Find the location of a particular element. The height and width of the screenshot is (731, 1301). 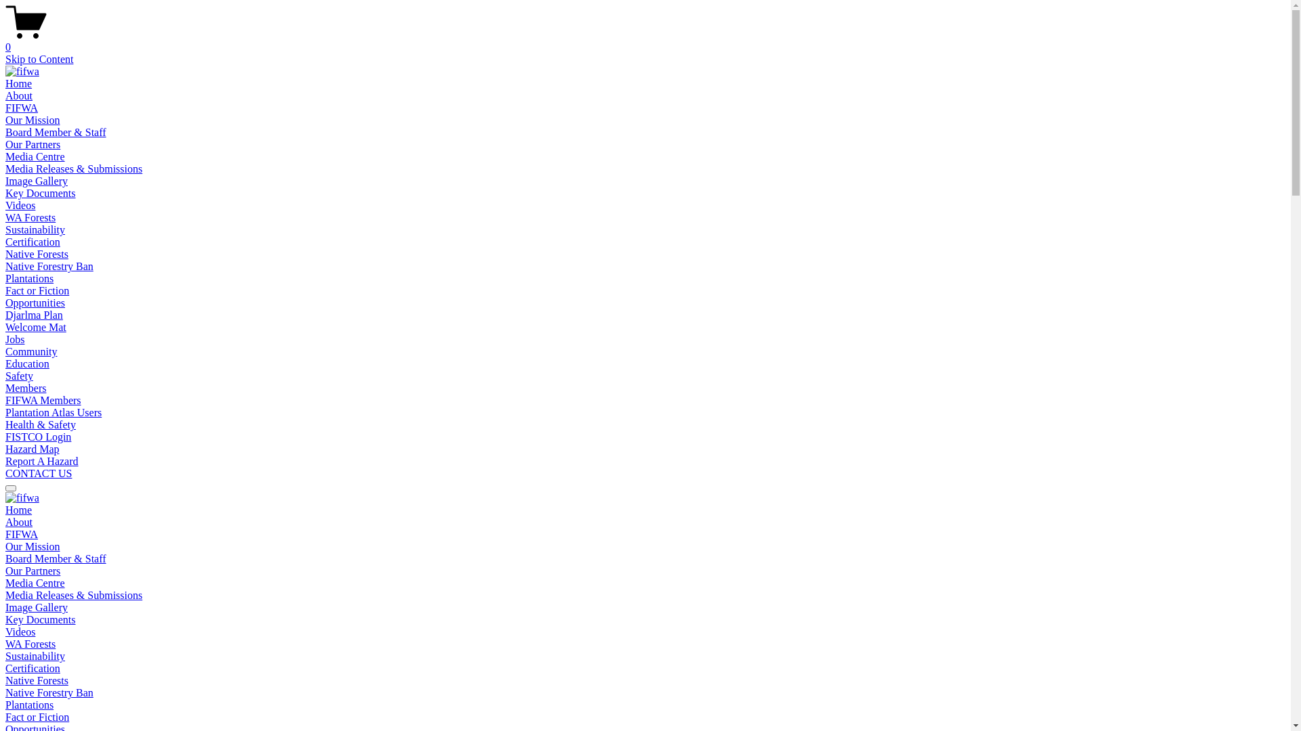

'CONTACT US' is located at coordinates (5, 472).